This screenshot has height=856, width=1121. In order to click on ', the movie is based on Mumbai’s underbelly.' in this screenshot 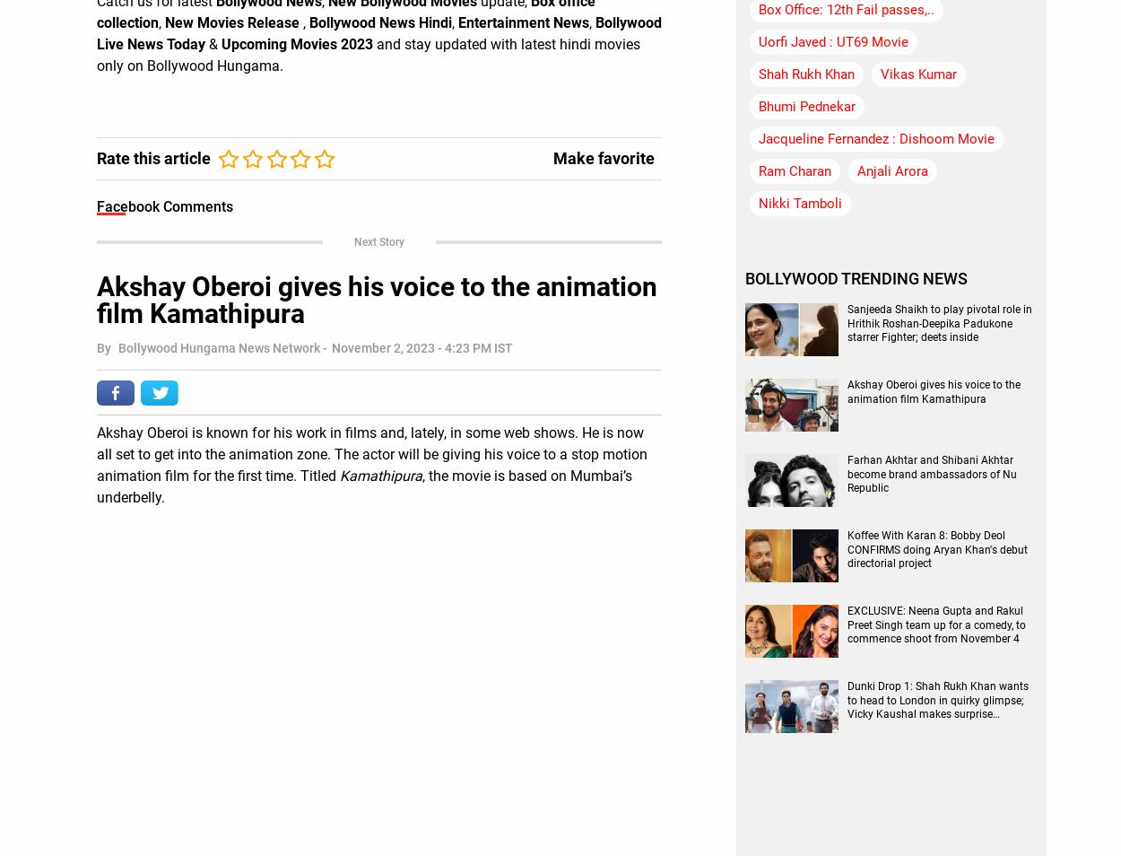, I will do `click(96, 485)`.